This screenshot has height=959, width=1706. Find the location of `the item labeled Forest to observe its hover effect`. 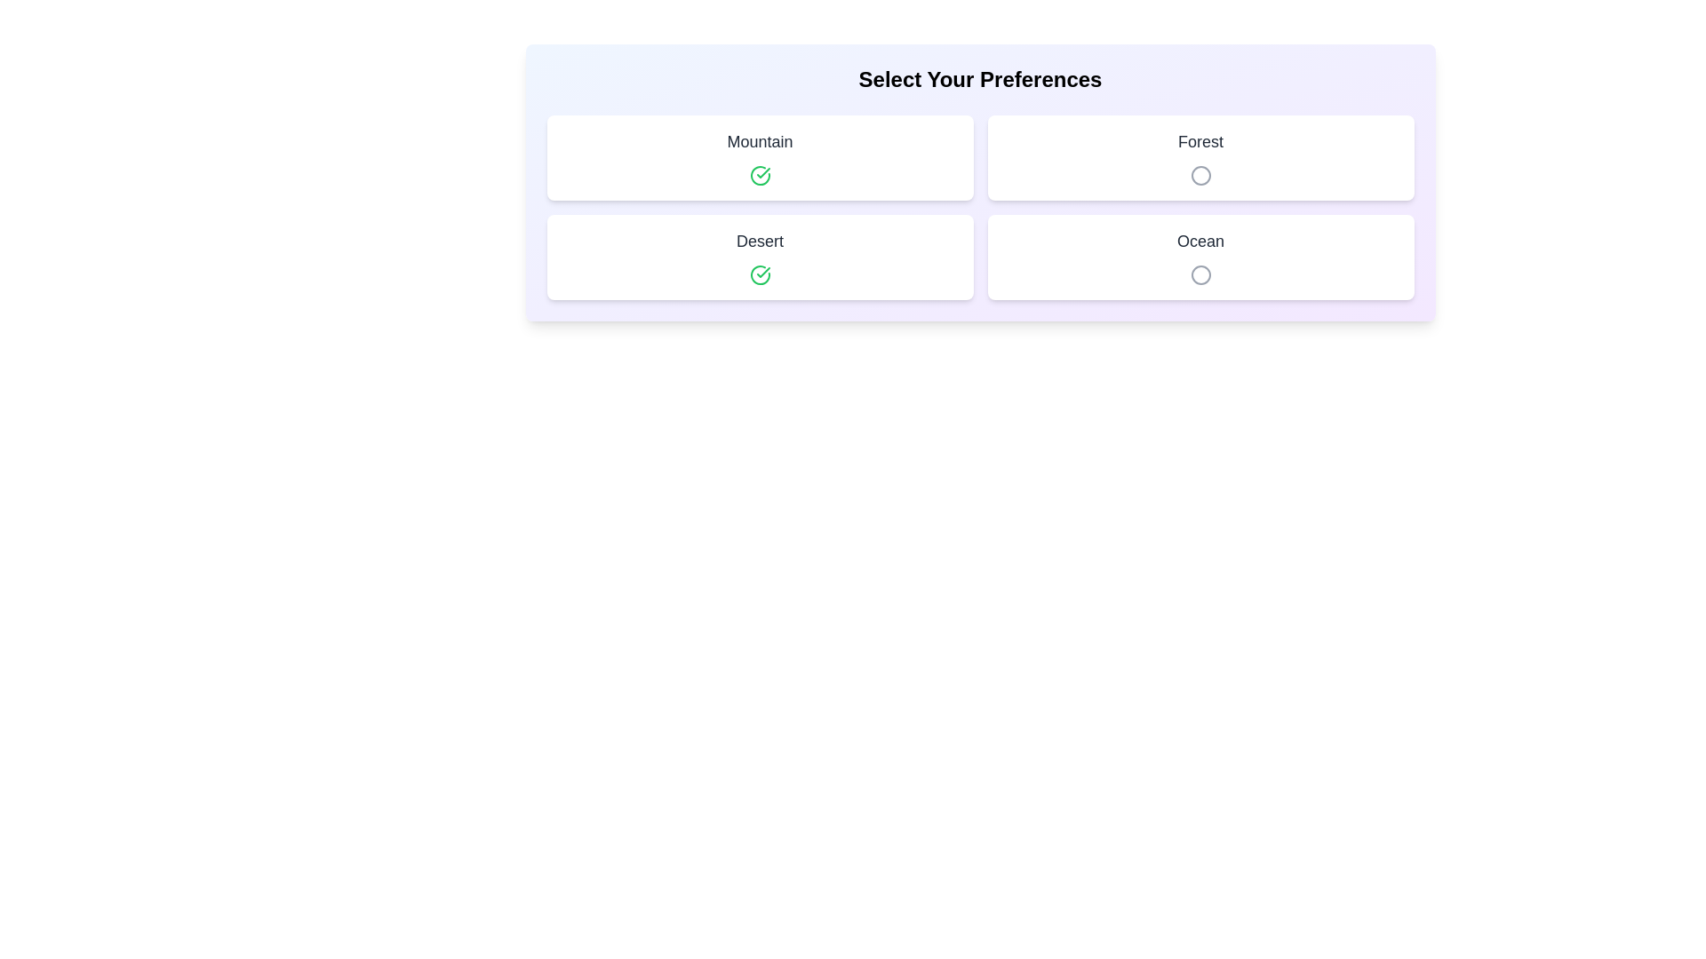

the item labeled Forest to observe its hover effect is located at coordinates (1200, 156).